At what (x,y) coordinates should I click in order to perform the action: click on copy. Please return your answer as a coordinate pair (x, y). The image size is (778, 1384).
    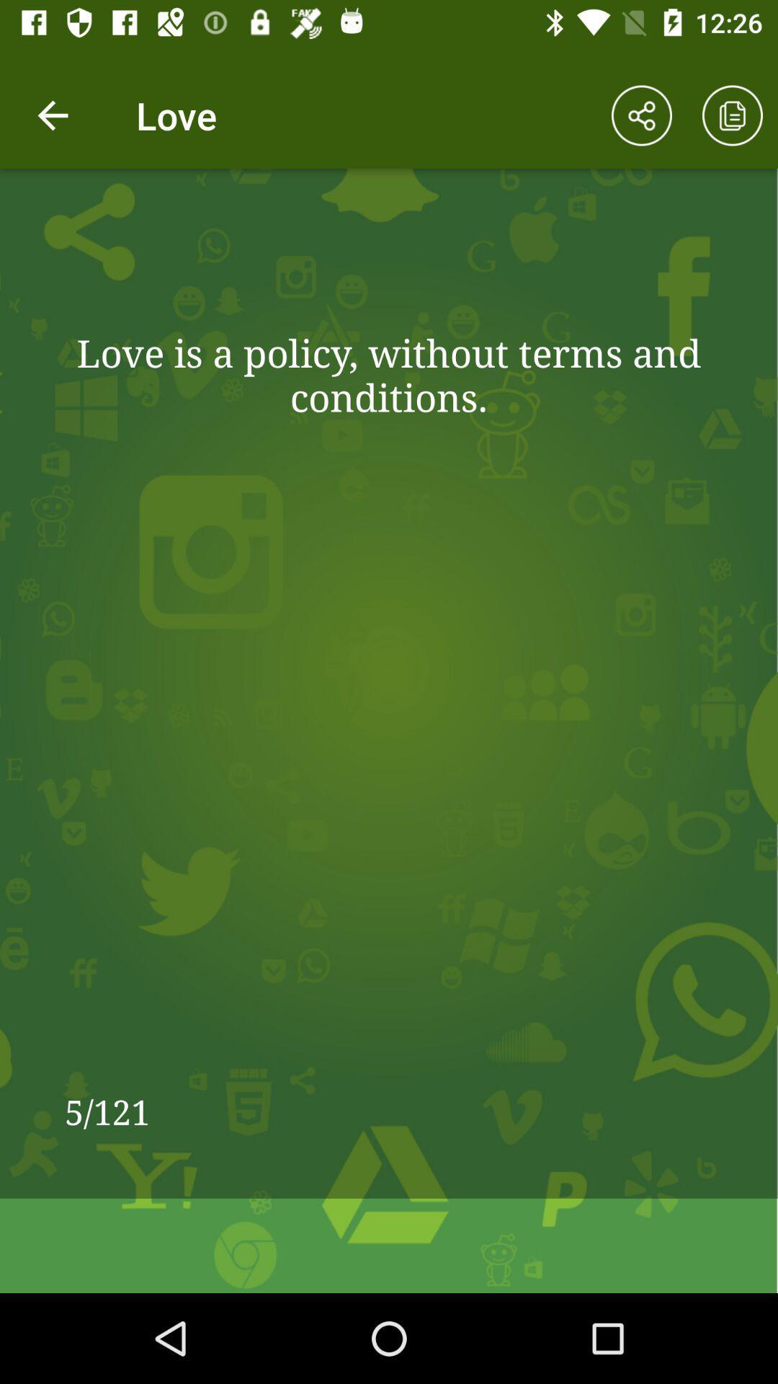
    Looking at the image, I should click on (733, 115).